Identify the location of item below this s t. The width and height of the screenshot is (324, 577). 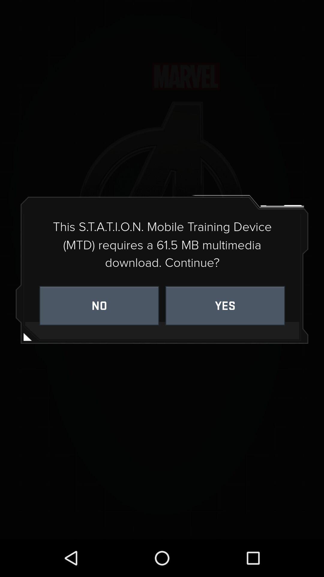
(99, 306).